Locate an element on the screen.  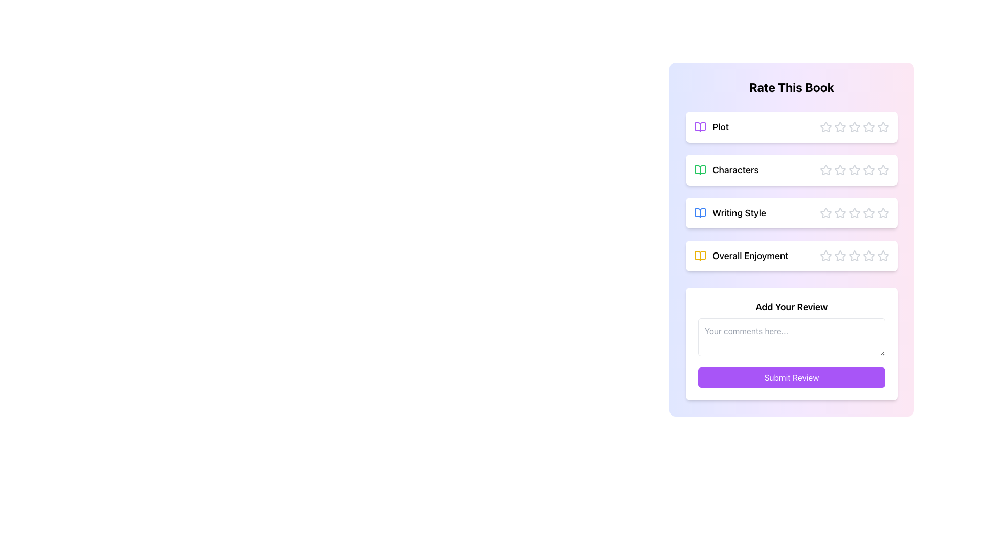
the 'Submit Review' button, which is a rectangular button with rounded corners, solid purple background, and white text is located at coordinates (791, 378).